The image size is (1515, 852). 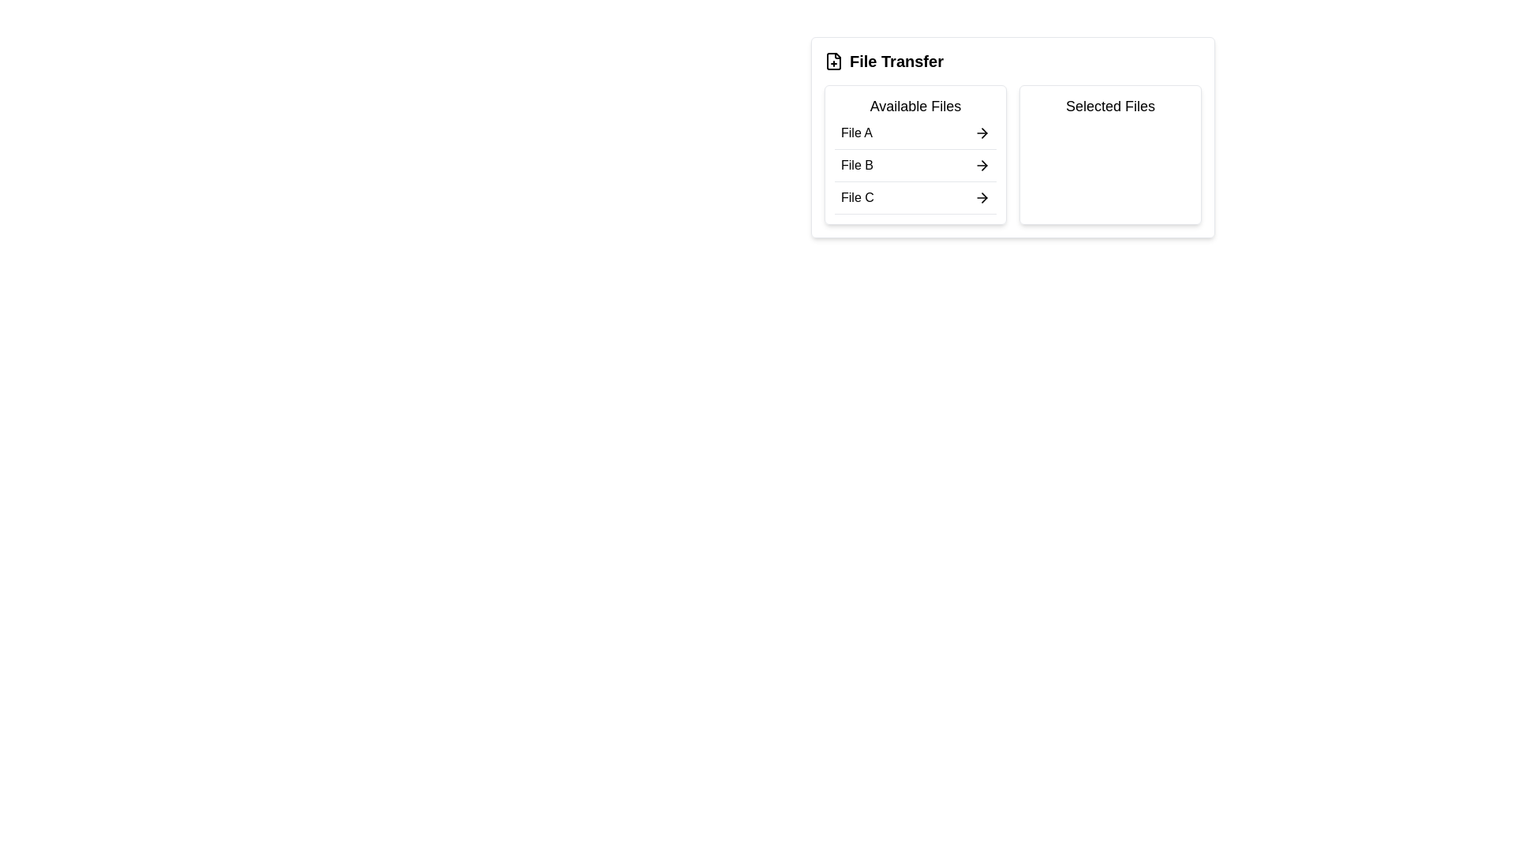 What do you see at coordinates (984, 133) in the screenshot?
I see `the right-pointing arrow SVG icon in the 'Available Files' panel of the 'File Transfer' interface, specifically aligned to the right side of the 'File A' option` at bounding box center [984, 133].